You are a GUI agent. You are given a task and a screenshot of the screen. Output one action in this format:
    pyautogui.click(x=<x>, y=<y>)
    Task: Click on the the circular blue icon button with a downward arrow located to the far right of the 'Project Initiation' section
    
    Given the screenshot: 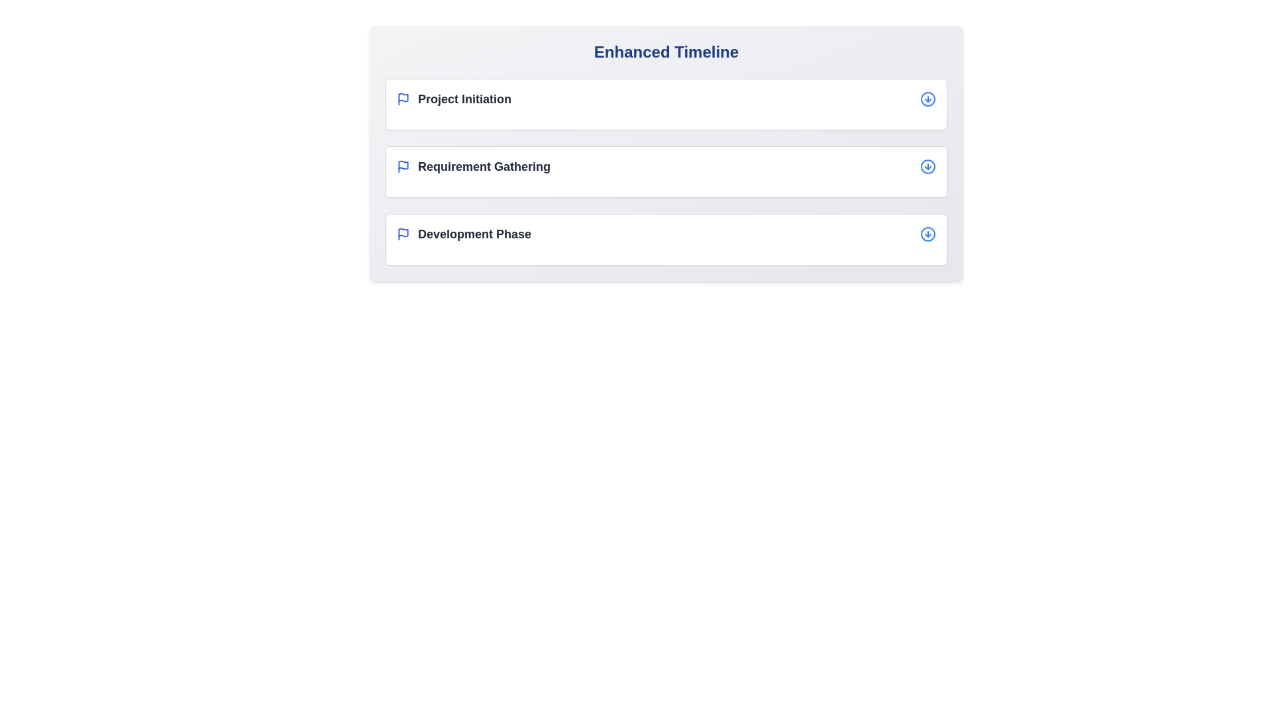 What is the action you would take?
    pyautogui.click(x=927, y=99)
    